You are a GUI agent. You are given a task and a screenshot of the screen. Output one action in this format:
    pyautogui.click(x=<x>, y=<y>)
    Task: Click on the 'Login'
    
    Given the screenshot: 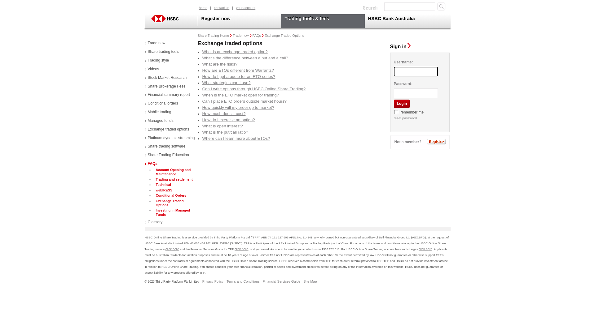 What is the action you would take?
    pyautogui.click(x=401, y=103)
    